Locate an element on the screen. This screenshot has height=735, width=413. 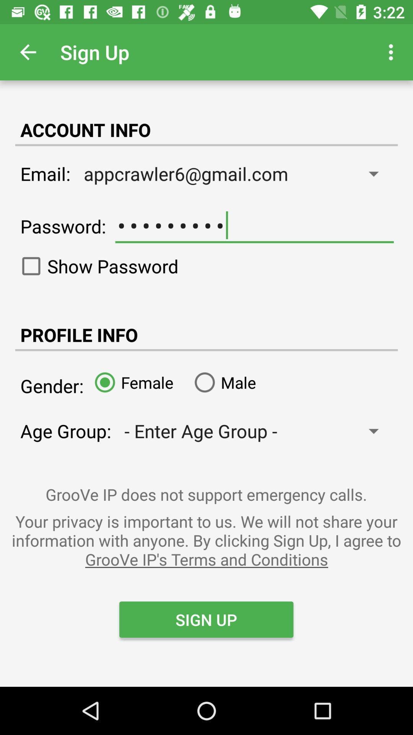
item to the left of male icon is located at coordinates (131, 382).